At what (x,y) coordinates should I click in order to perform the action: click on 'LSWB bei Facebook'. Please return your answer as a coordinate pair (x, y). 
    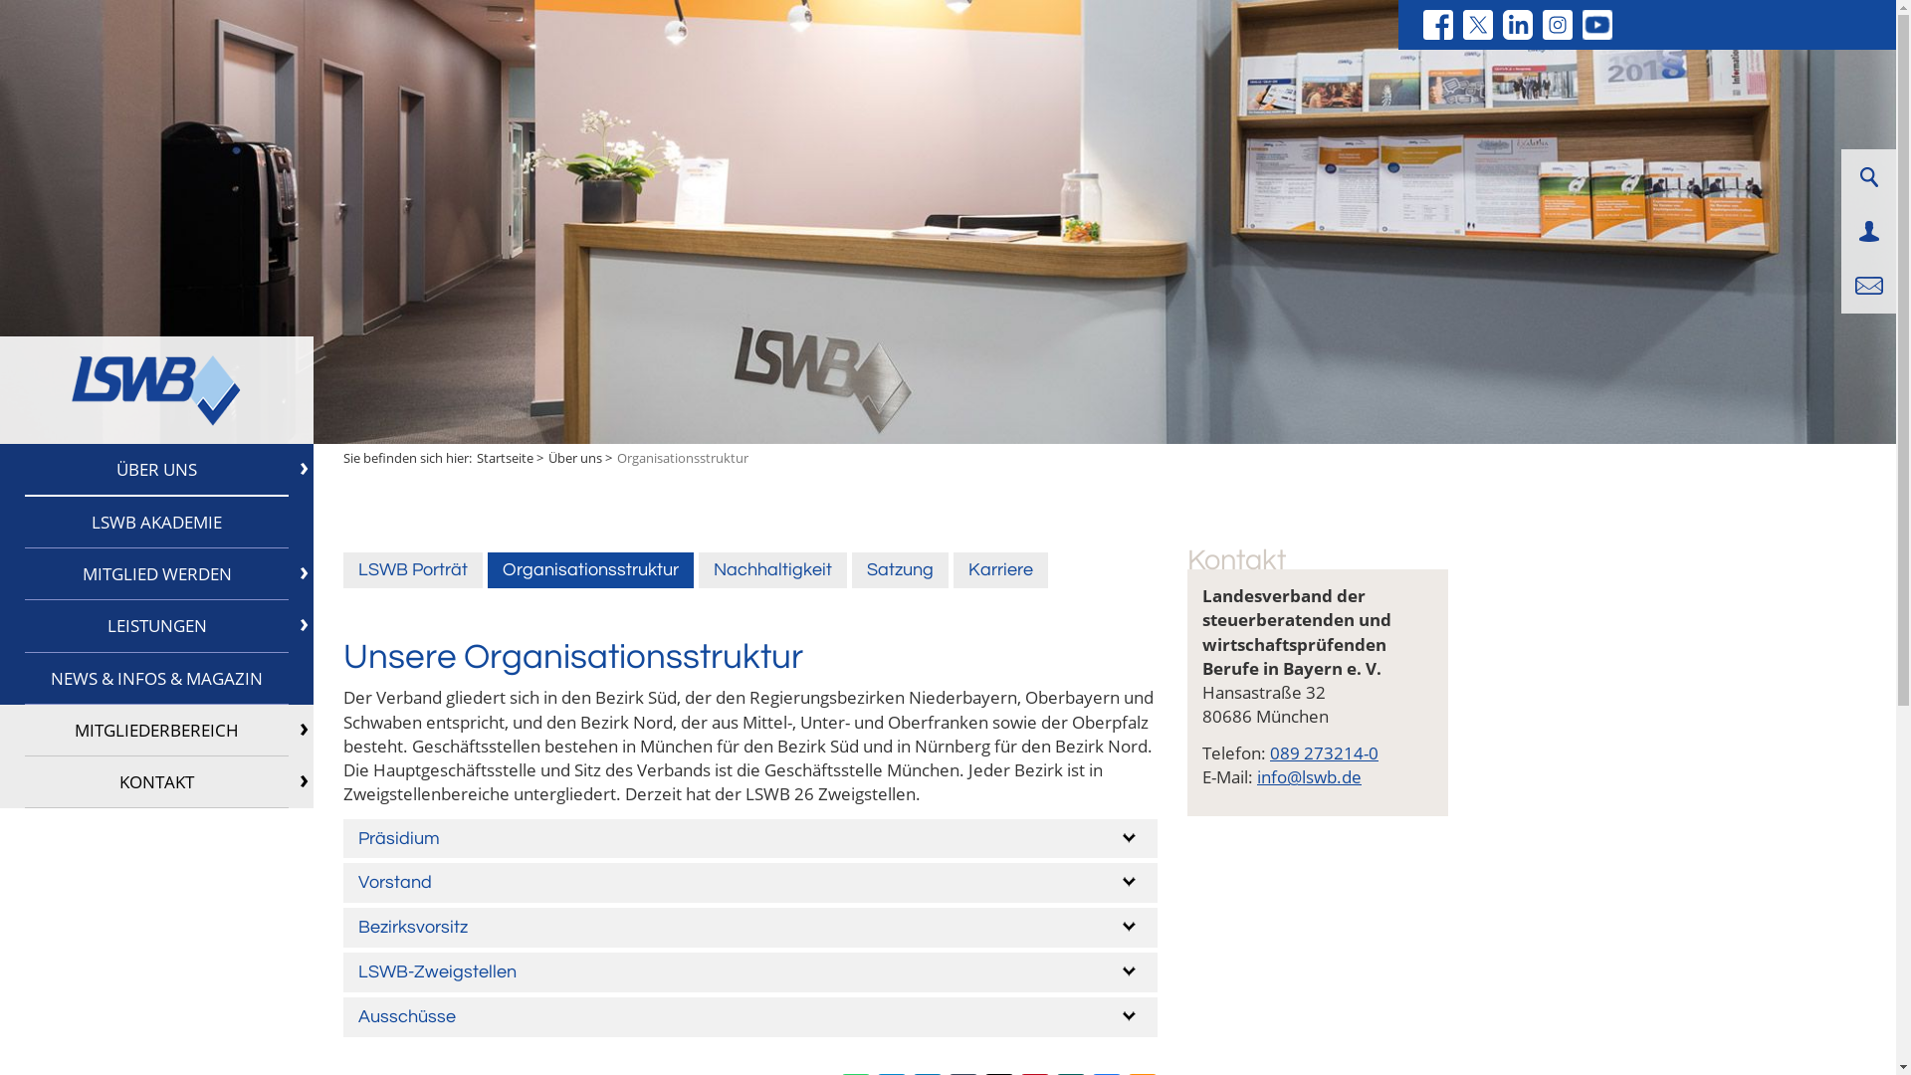
    Looking at the image, I should click on (1437, 24).